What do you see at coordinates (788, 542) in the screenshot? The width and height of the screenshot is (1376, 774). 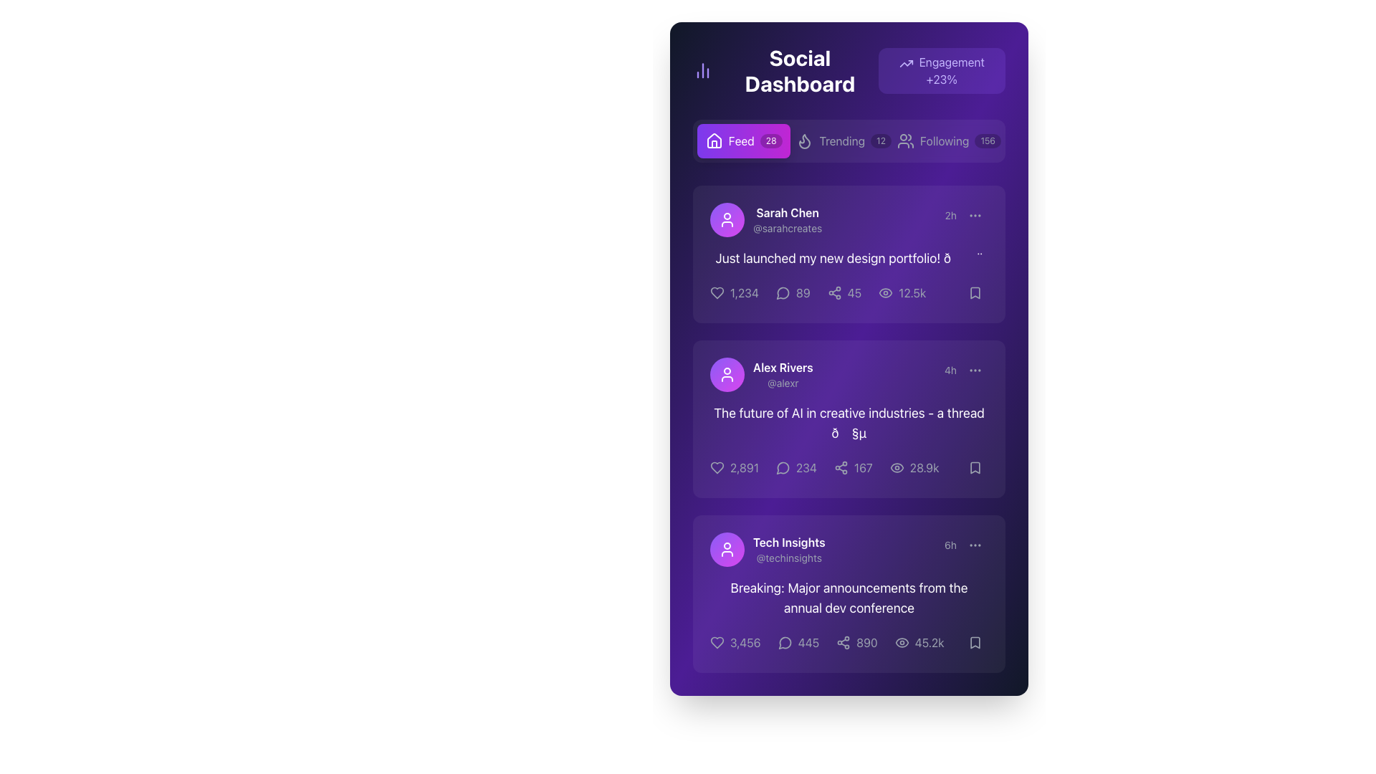 I see `text label displaying the title or name associated with the content creator, which is located near the top-left segment of a card in the feed, next to an avatar icon and above a smaller gray-colored text element '@techinsights'` at bounding box center [788, 542].